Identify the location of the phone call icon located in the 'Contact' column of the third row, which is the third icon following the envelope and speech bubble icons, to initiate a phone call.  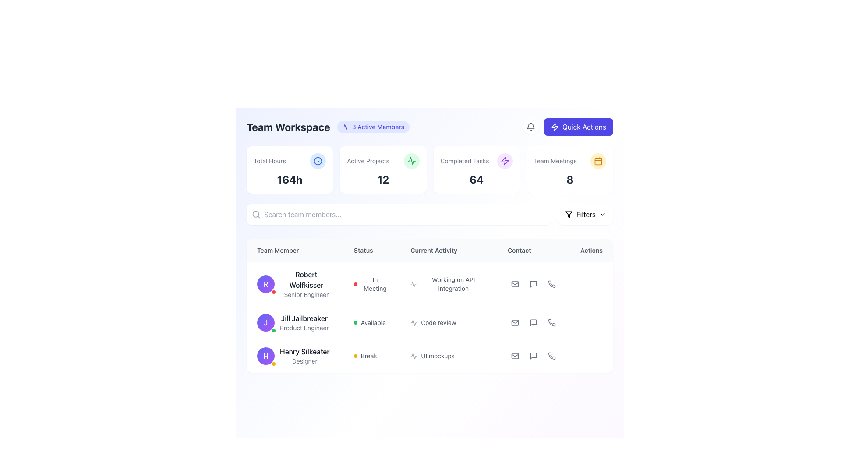
(551, 356).